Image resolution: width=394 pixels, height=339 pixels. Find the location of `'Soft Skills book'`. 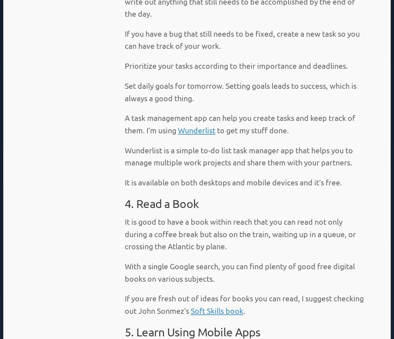

'Soft Skills book' is located at coordinates (190, 310).